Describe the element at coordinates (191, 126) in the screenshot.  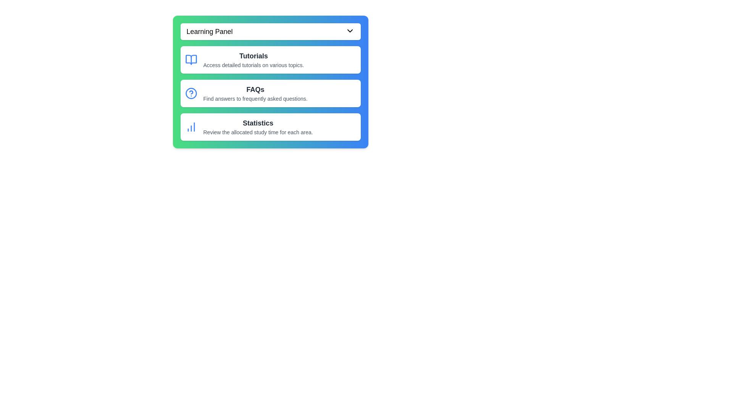
I see `the icon corresponding to Statistics to access its additional actions` at that location.